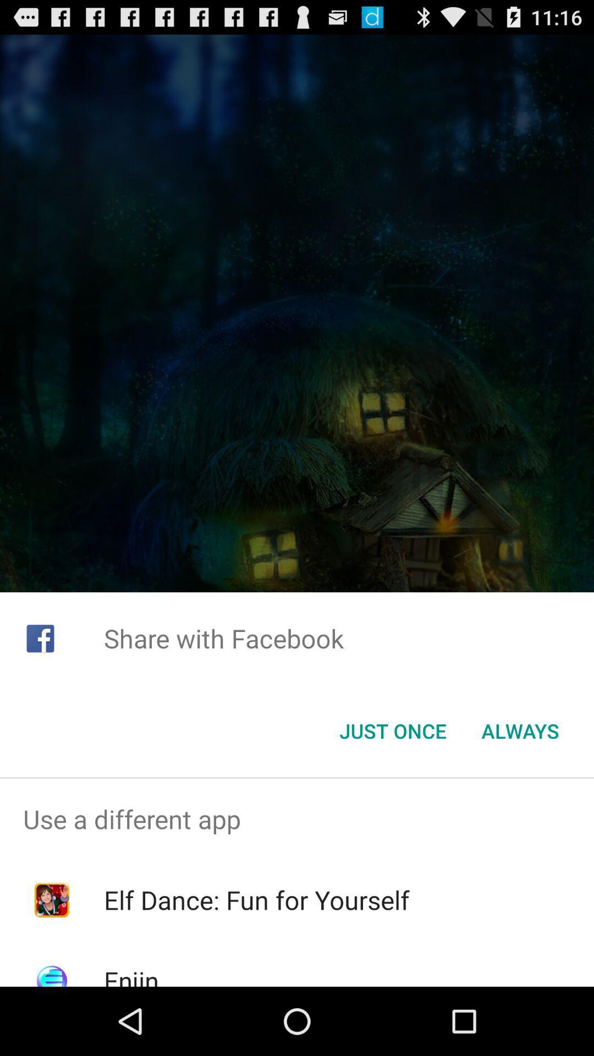 The height and width of the screenshot is (1056, 594). What do you see at coordinates (297, 819) in the screenshot?
I see `use a different icon` at bounding box center [297, 819].